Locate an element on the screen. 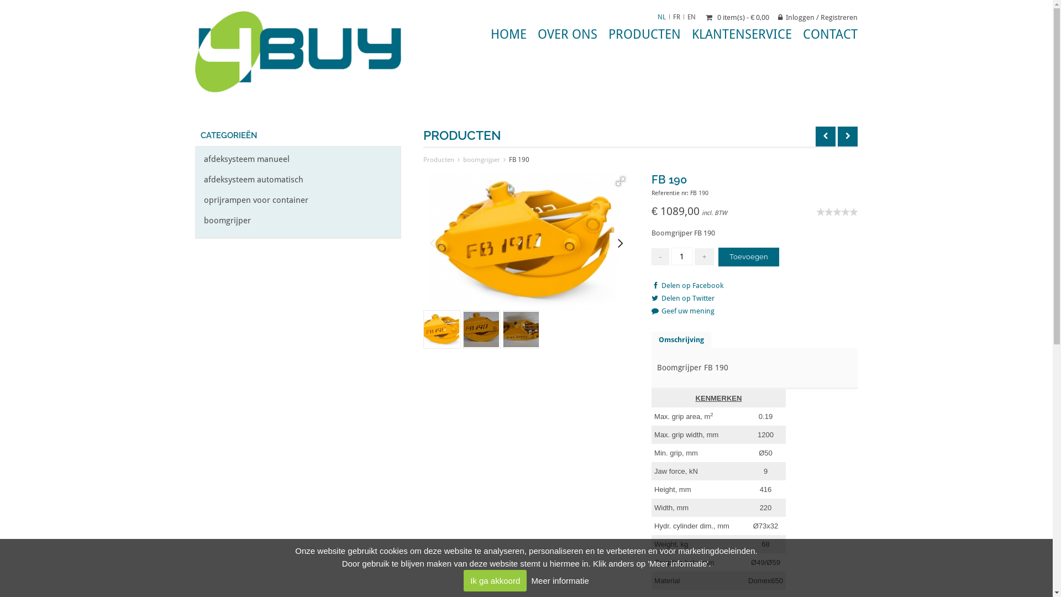 This screenshot has width=1061, height=597. 'EN' is located at coordinates (691, 18).